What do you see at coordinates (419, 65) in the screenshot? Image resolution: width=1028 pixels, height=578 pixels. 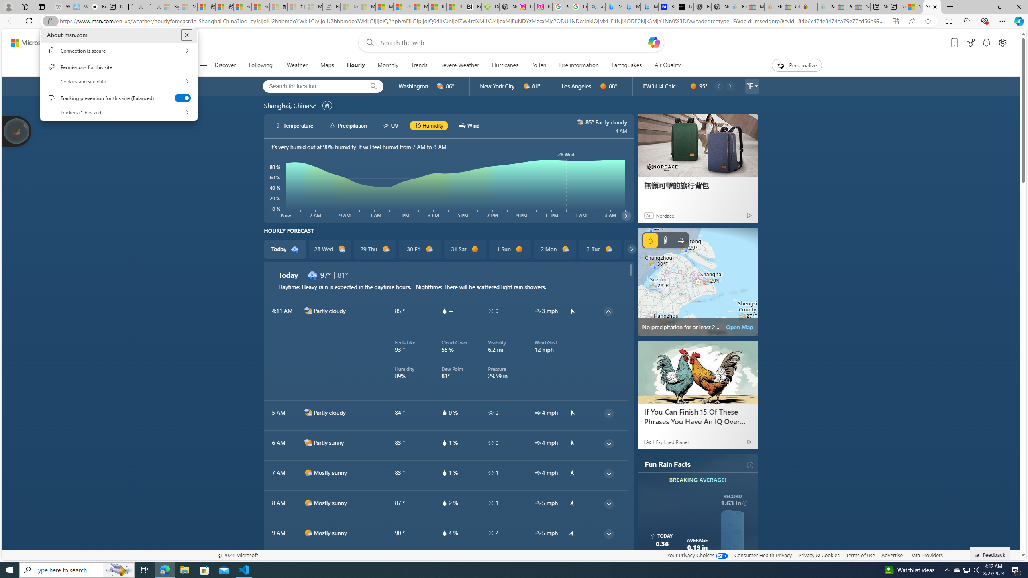 I see `'Trends'` at bounding box center [419, 65].